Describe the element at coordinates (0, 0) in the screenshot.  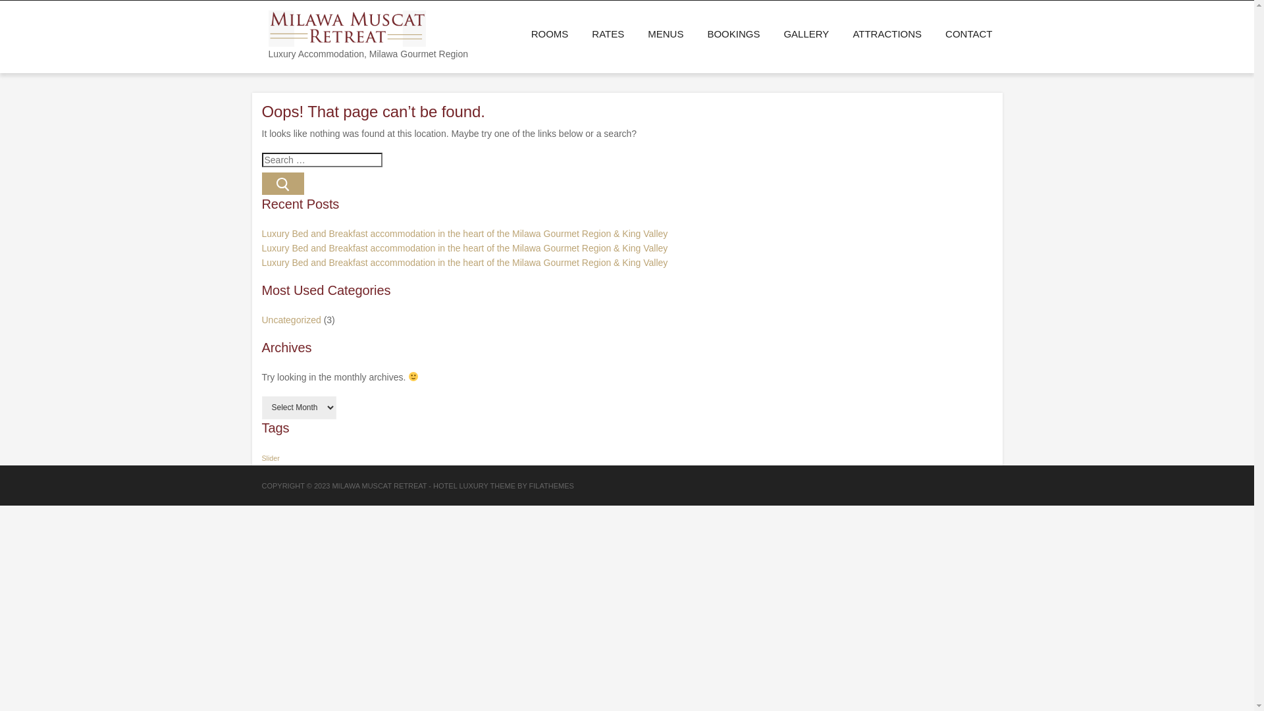
I see `'Skip to content'` at that location.